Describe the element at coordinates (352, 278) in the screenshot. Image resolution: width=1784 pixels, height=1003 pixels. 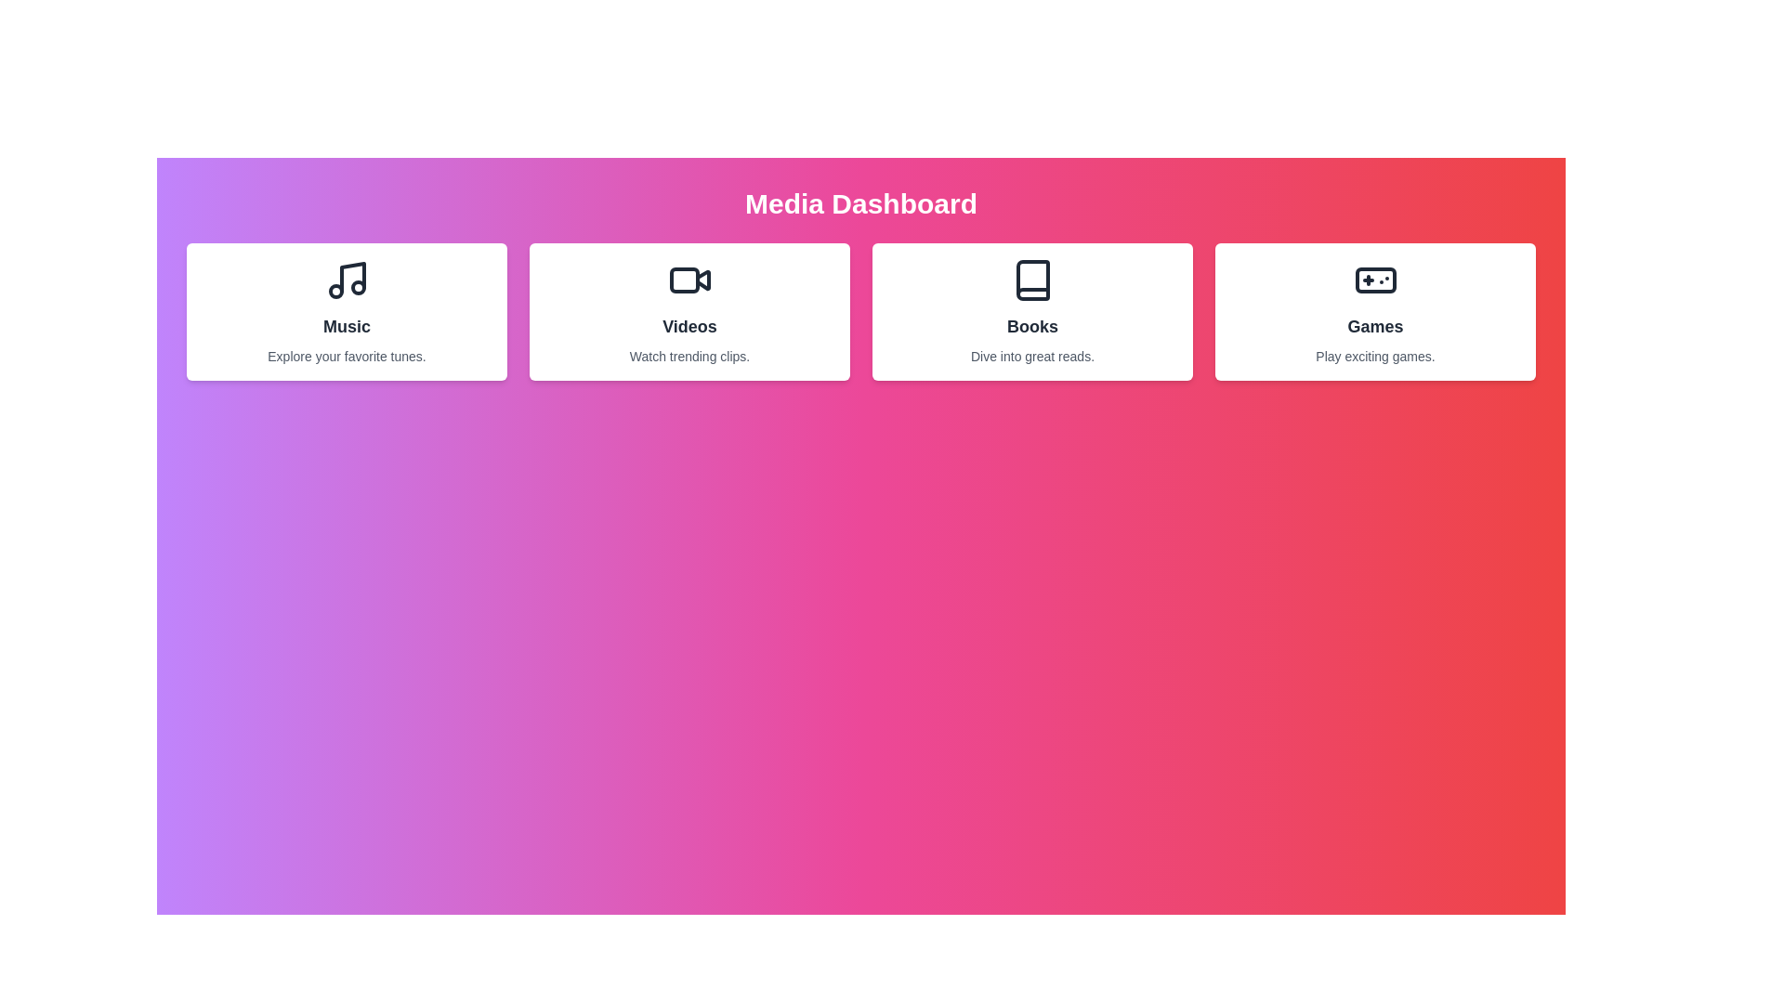
I see `the central vertical line segment of the music icon located in the upper-left 'Music' card` at that location.